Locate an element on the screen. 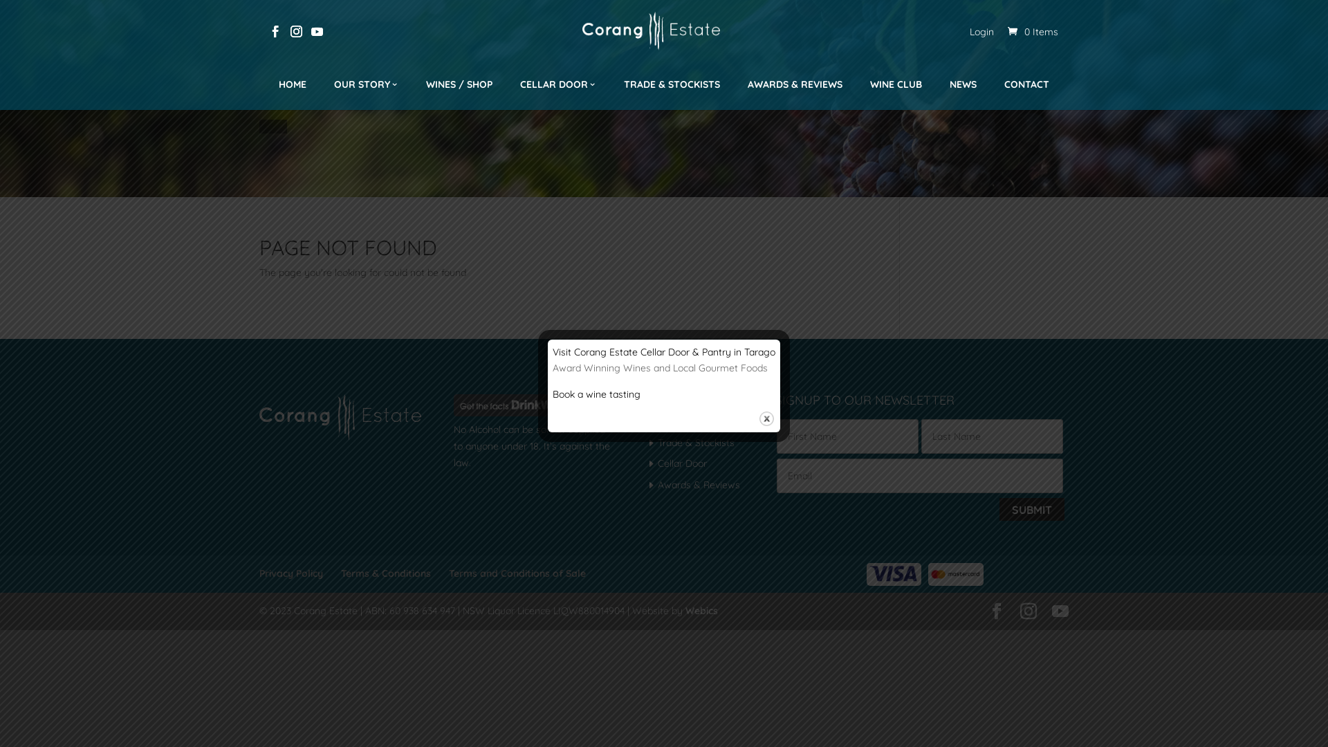 The height and width of the screenshot is (747, 1328). 'Submit' is located at coordinates (1032, 509).